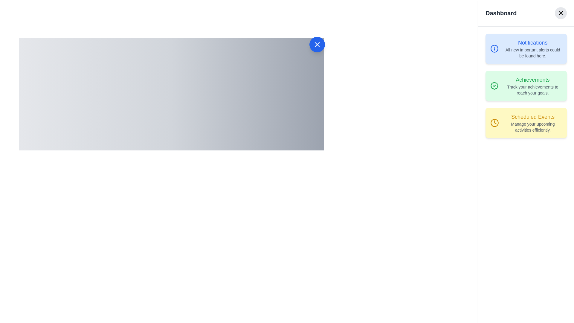 The height and width of the screenshot is (323, 574). I want to click on the circular button with a light gray background and a black 'X' icon located beside the 'Dashboard' text, so click(561, 13).